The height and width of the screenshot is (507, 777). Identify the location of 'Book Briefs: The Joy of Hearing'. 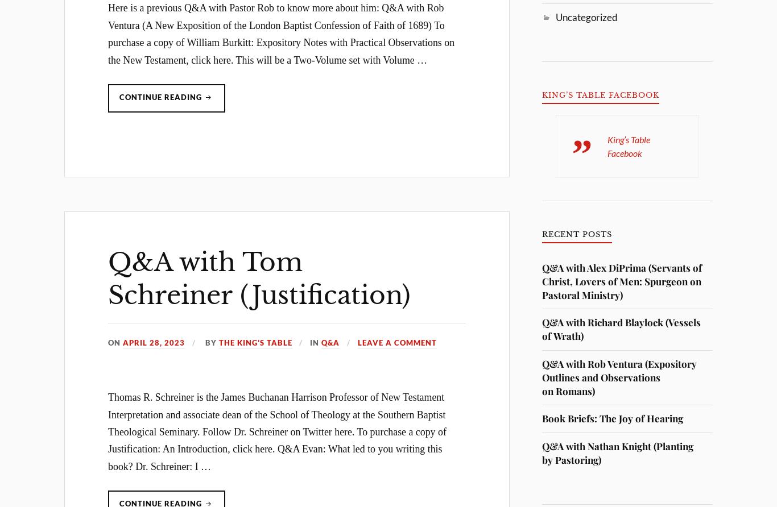
(611, 418).